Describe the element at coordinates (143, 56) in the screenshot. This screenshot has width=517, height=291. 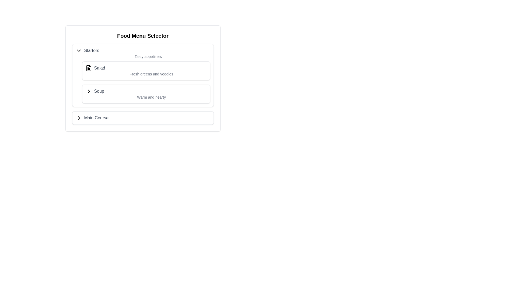
I see `the text label reading 'Tasty appetizers' styled in a small gray font, positioned below the 'Starters' header in the 'Food Menu Selector'` at that location.